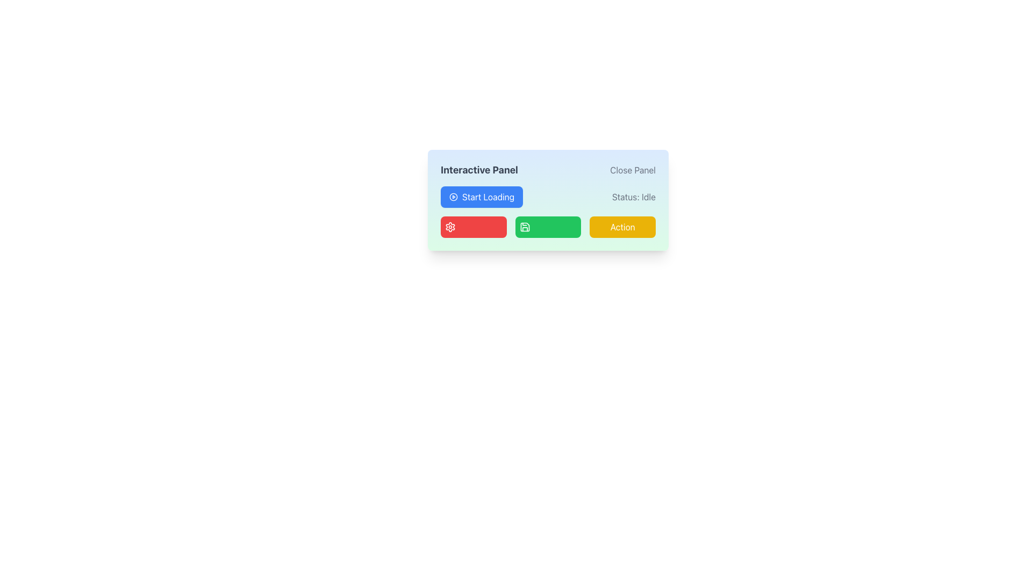 The height and width of the screenshot is (580, 1032). What do you see at coordinates (481, 197) in the screenshot?
I see `the button located in the 'Interactive Panel' that initiates a loading process, positioned above the row of colored buttons and aligned with 'Status: Idle'` at bounding box center [481, 197].